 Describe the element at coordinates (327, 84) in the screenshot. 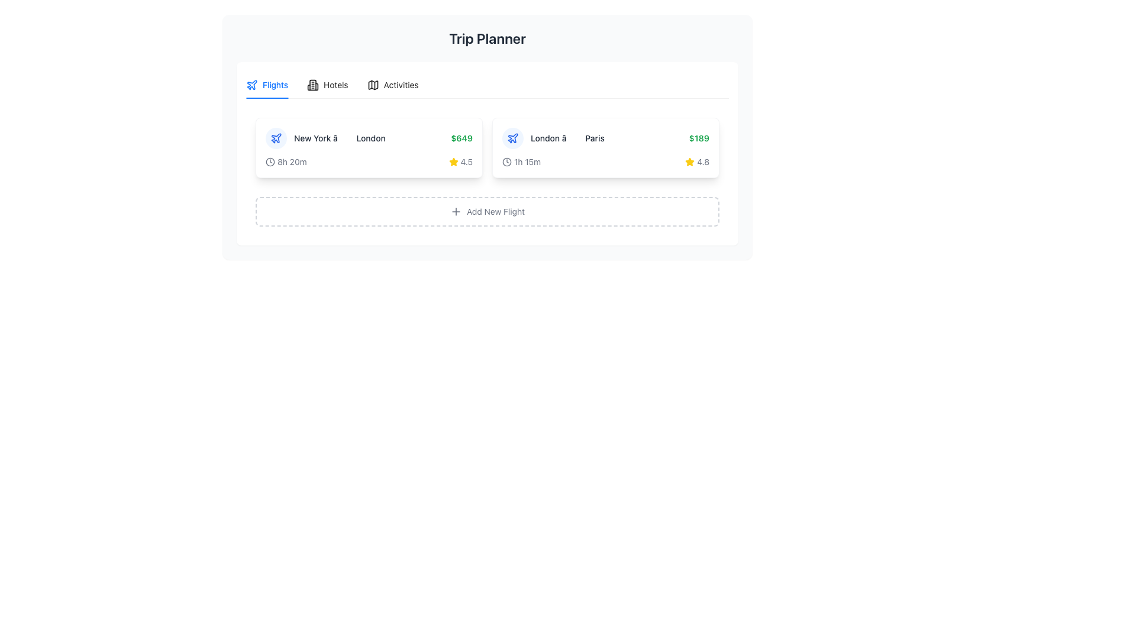

I see `the 'Hotels' navigation tab located in the middle of the tab group to switch the content view to hotel-related information` at that location.